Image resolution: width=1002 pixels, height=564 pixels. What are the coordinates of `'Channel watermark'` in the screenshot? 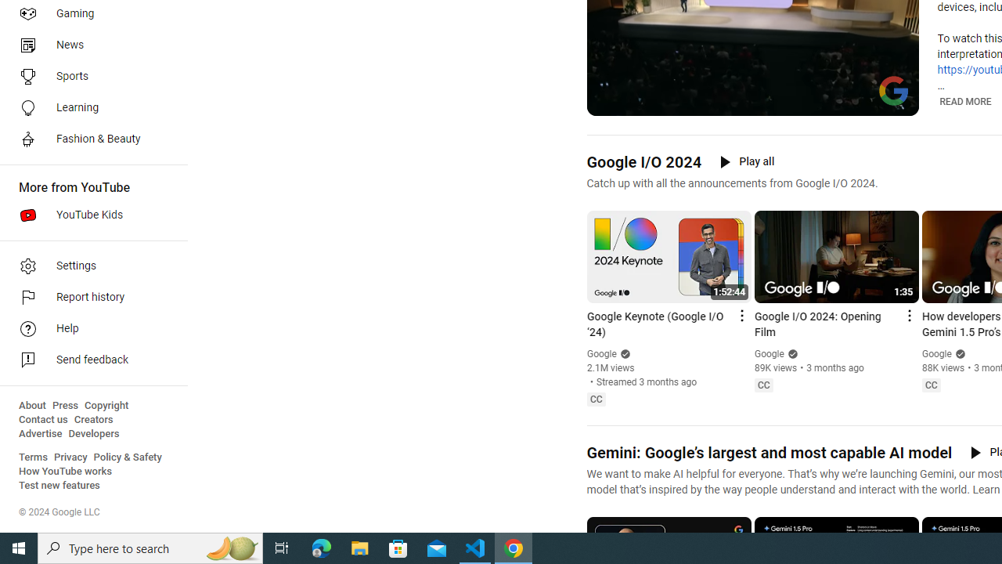 It's located at (893, 90).